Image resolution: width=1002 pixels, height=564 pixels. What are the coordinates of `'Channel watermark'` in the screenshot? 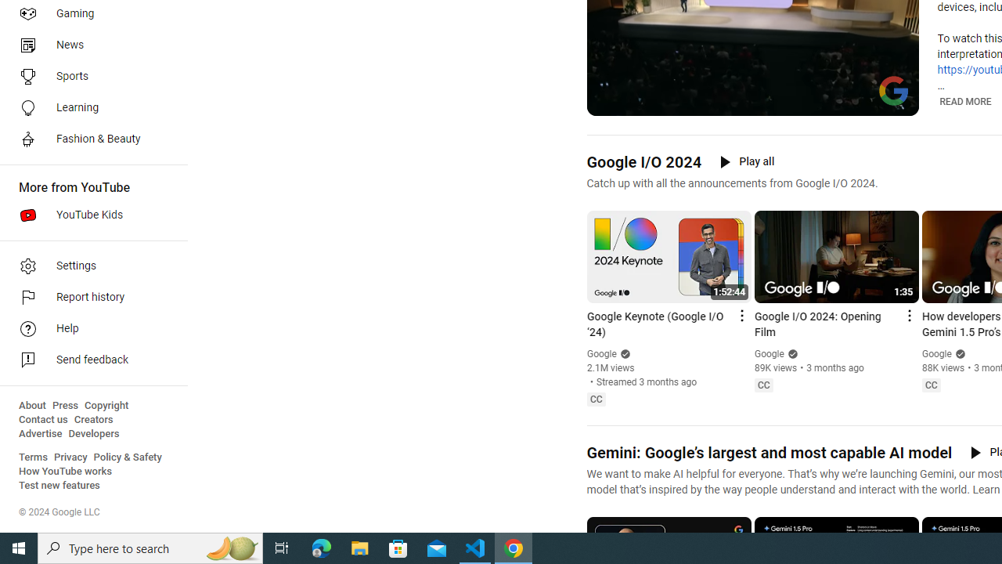 It's located at (893, 90).